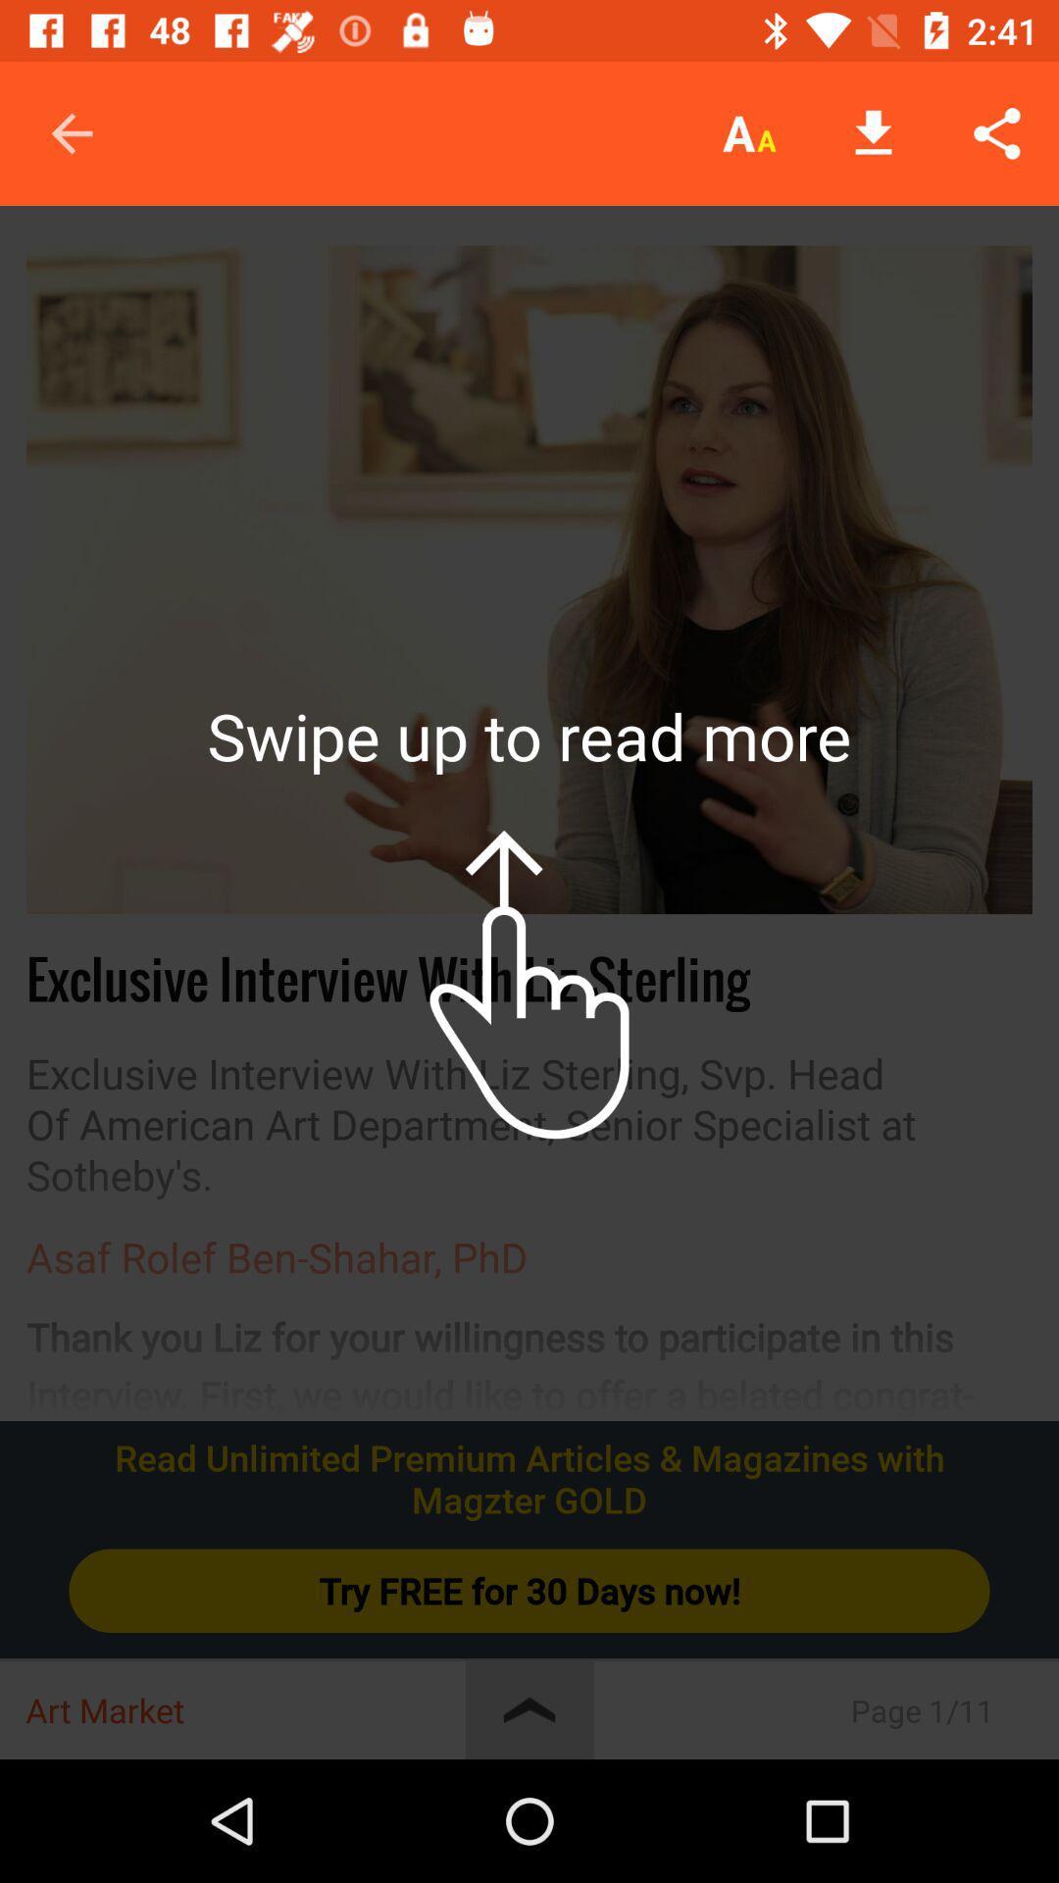 The height and width of the screenshot is (1883, 1059). I want to click on the art market item, so click(244, 1709).